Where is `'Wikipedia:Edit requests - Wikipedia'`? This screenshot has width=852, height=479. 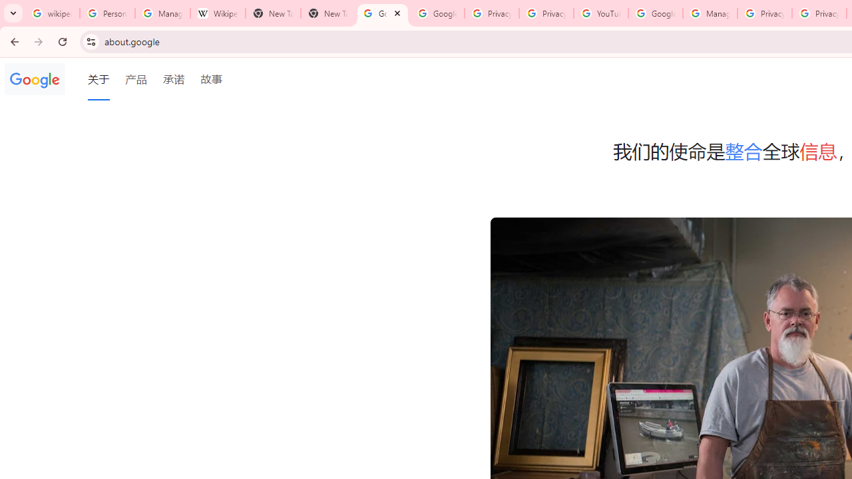
'Wikipedia:Edit requests - Wikipedia' is located at coordinates (218, 13).